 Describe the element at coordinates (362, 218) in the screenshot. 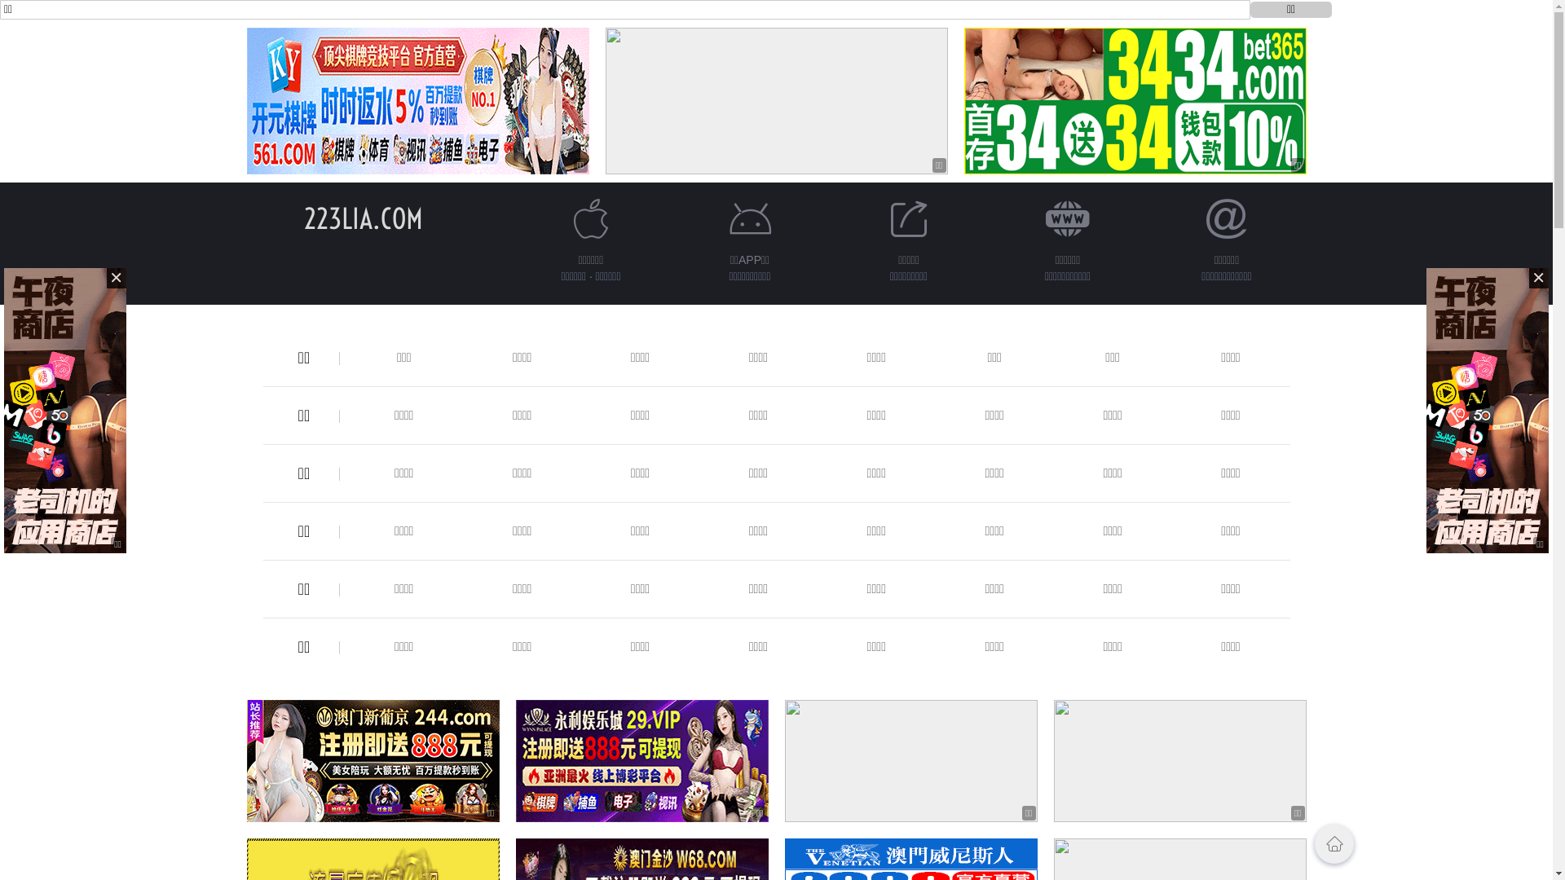

I see `'223LIA.COM'` at that location.